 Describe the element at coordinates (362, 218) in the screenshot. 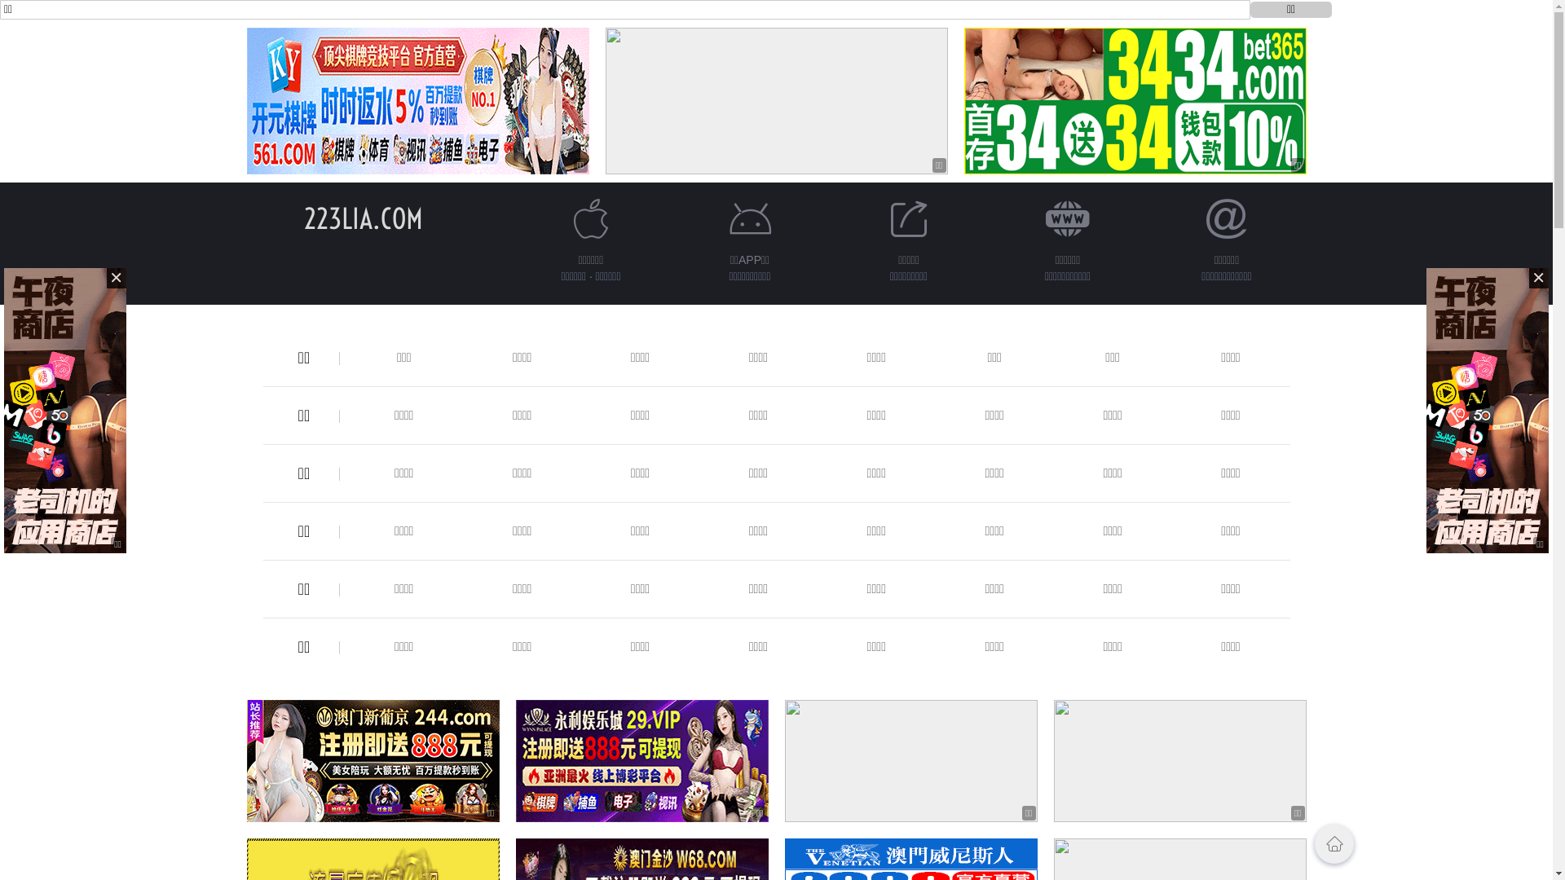

I see `'223LIA.COM'` at that location.